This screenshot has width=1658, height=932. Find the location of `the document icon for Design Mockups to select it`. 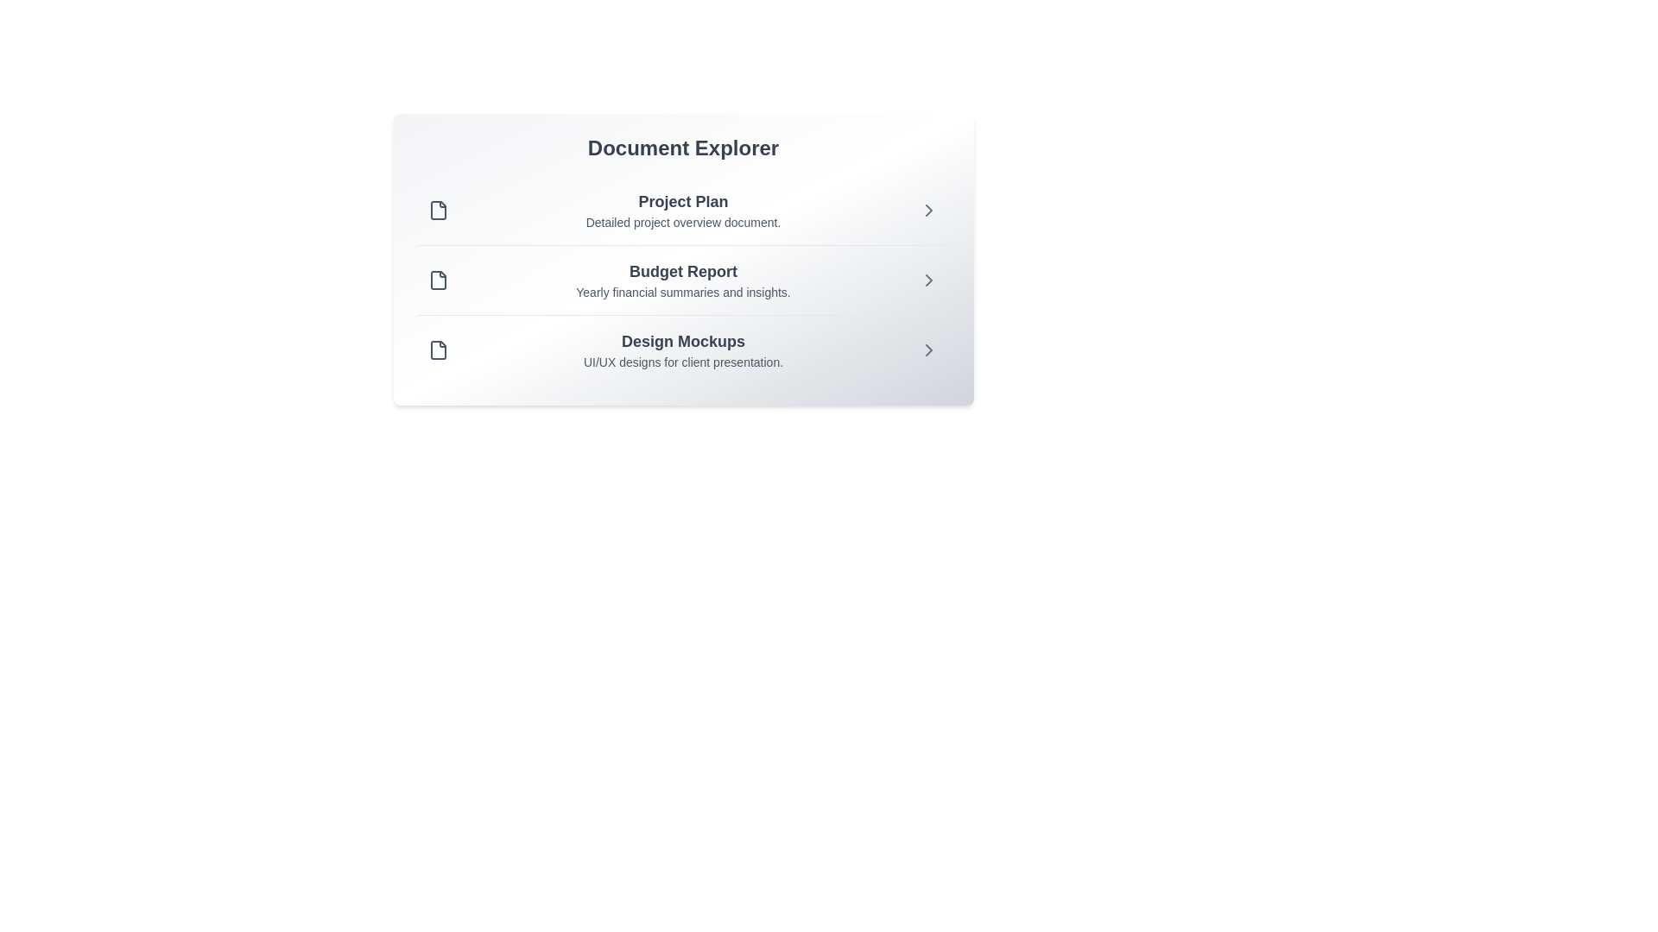

the document icon for Design Mockups to select it is located at coordinates (438, 349).